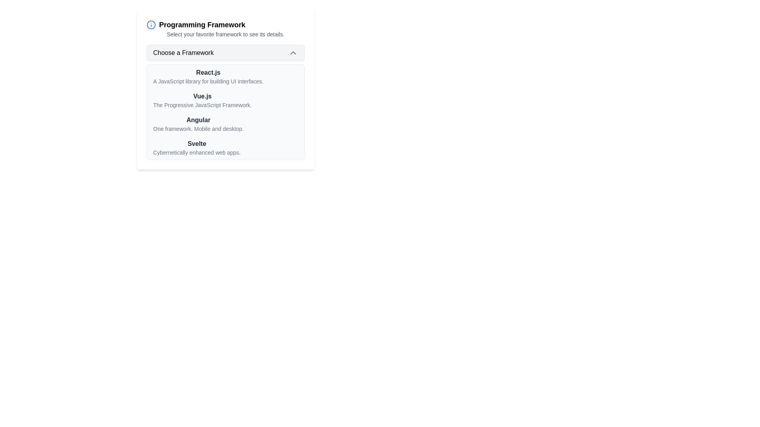 The height and width of the screenshot is (427, 760). What do you see at coordinates (225, 53) in the screenshot?
I see `the Dropdown trigger button labeled 'Choose a Framework'` at bounding box center [225, 53].